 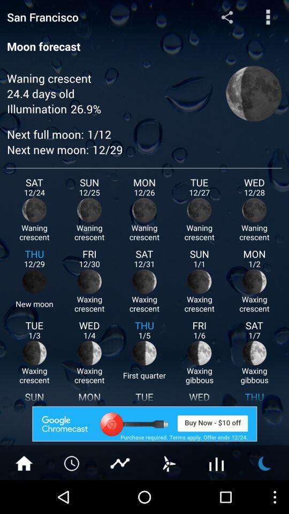 I want to click on adjust time, so click(x=72, y=462).